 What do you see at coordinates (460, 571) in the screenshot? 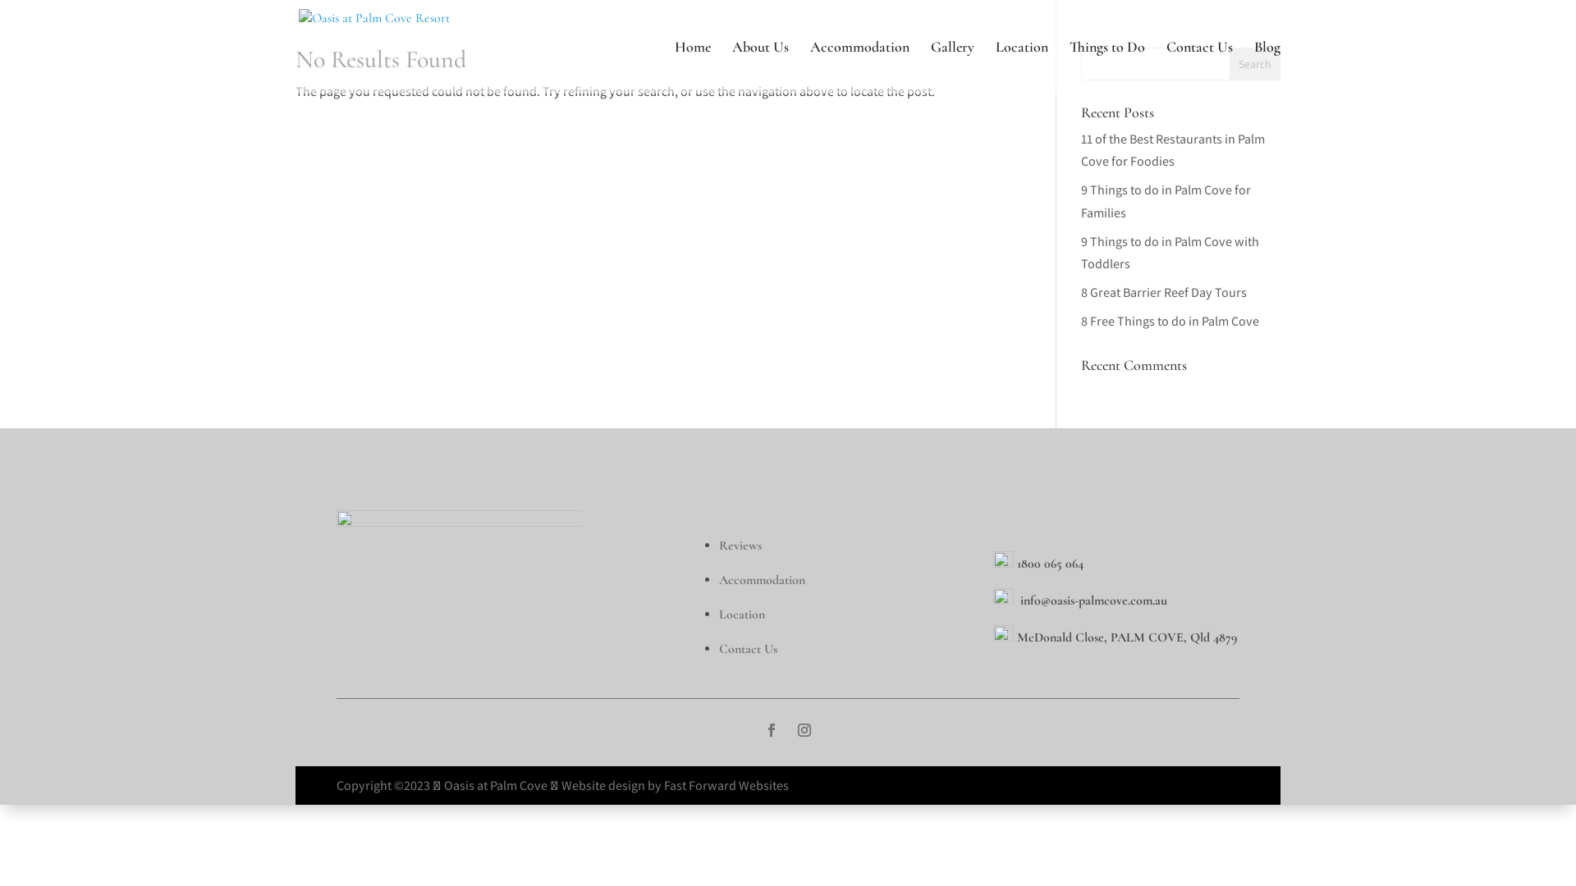
I see `'oasis-logo-black-1-'` at bounding box center [460, 571].